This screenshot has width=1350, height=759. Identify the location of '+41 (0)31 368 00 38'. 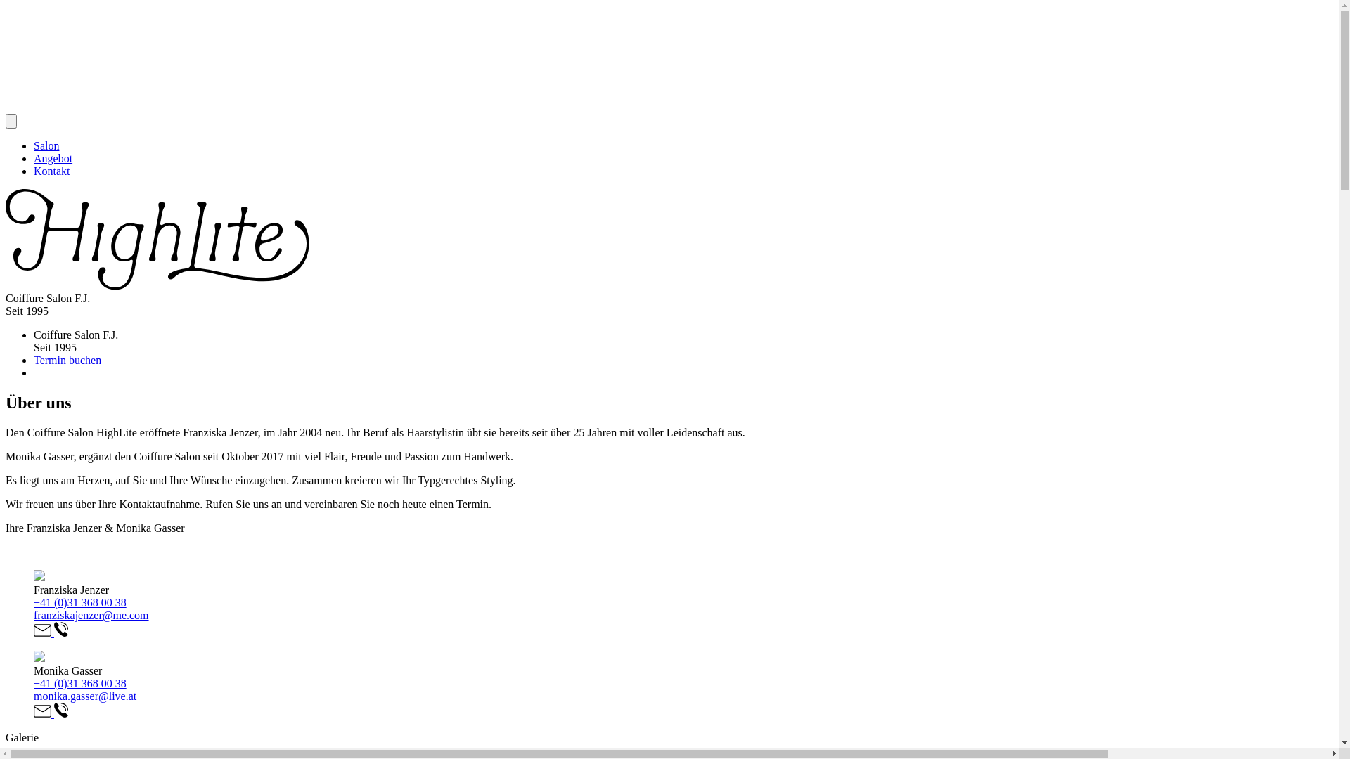
(79, 682).